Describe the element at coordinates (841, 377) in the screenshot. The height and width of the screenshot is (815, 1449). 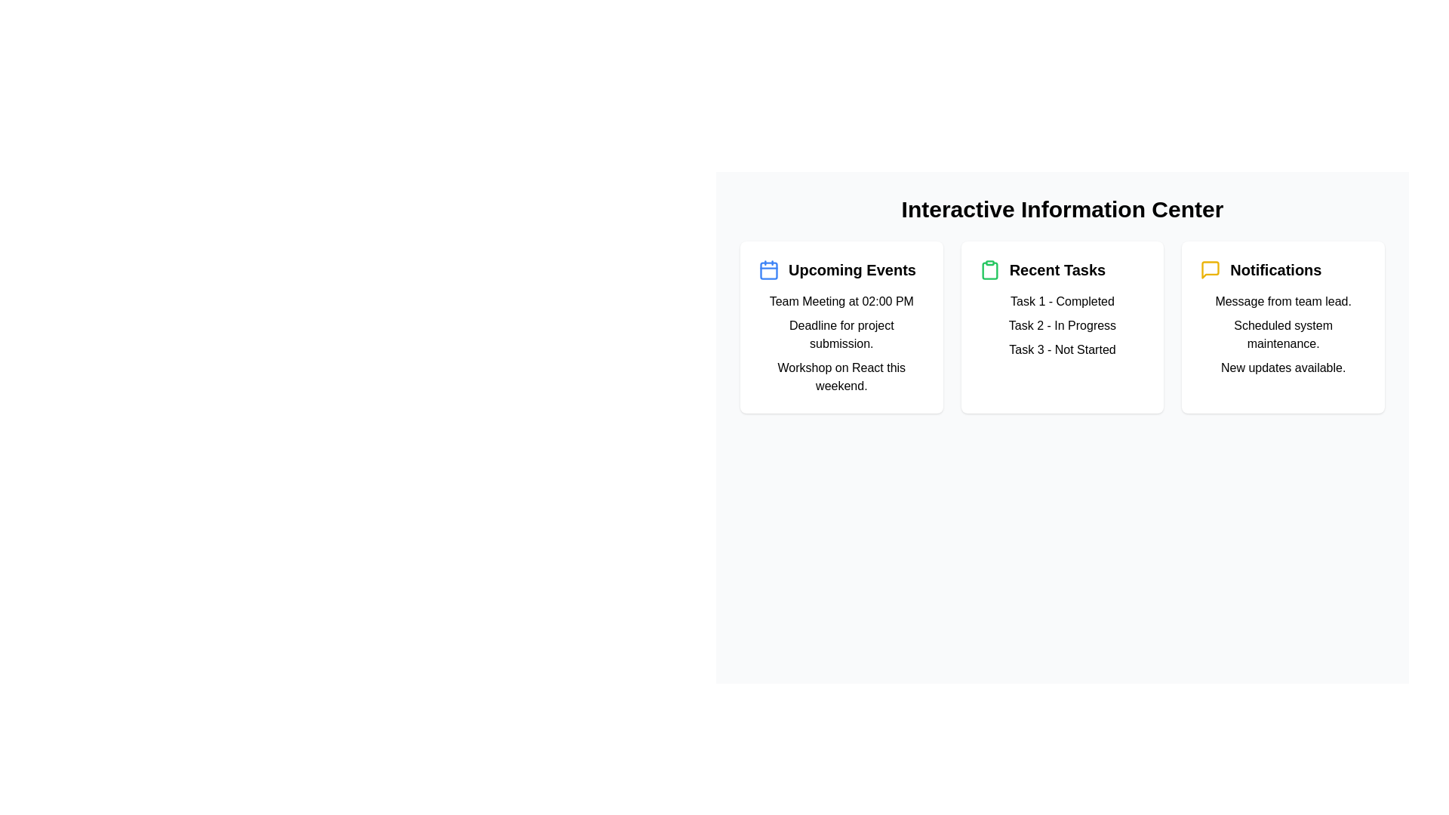
I see `the third line of static text in the 'Upcoming Events' section that informs the user about an upcoming event` at that location.